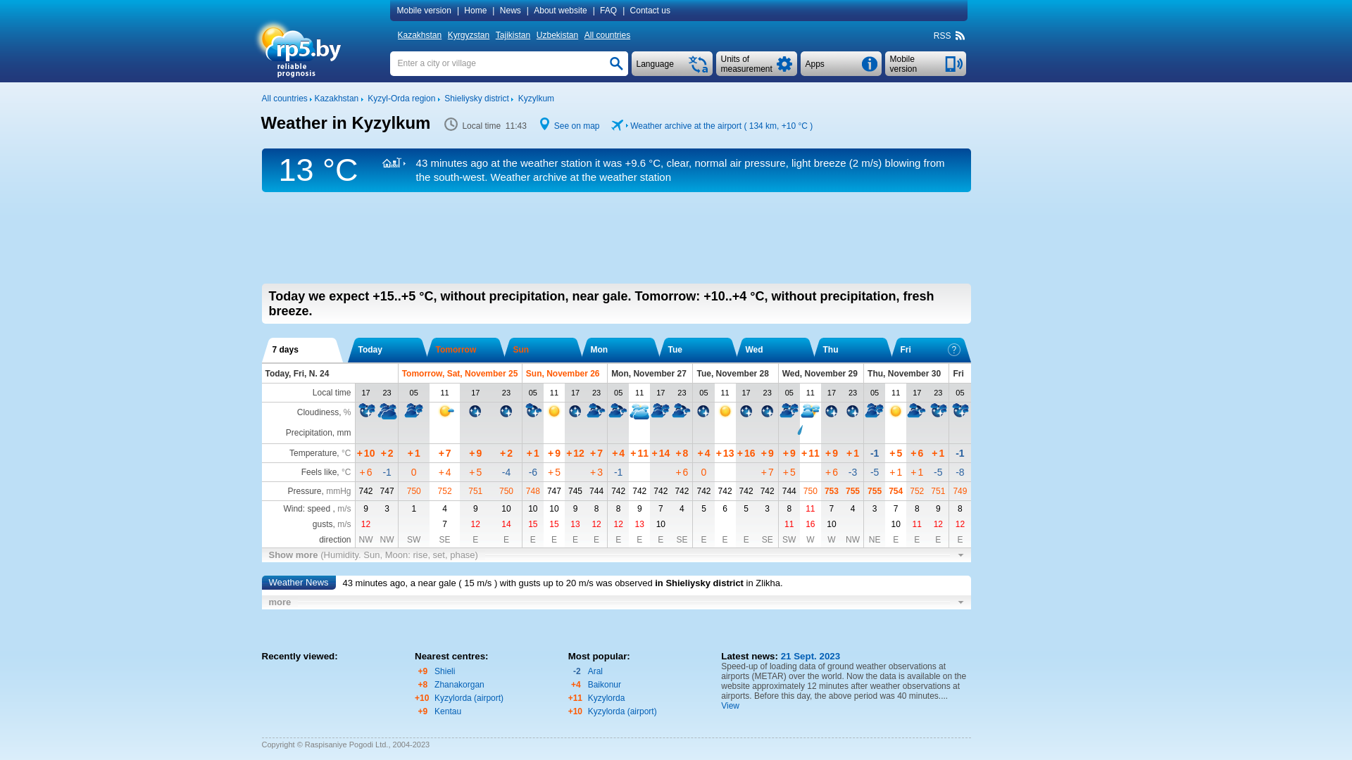  I want to click on 'News', so click(511, 11).